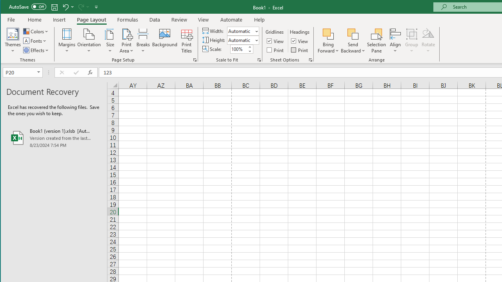 The image size is (502, 282). What do you see at coordinates (300, 50) in the screenshot?
I see `'Print'` at bounding box center [300, 50].